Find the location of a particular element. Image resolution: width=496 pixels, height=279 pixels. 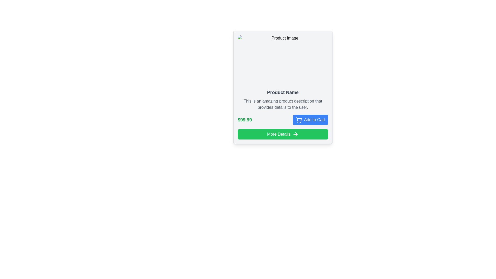

the shopping cart icon which is part of the 'Add to Cart' button, located to the left of the button text is located at coordinates (299, 119).